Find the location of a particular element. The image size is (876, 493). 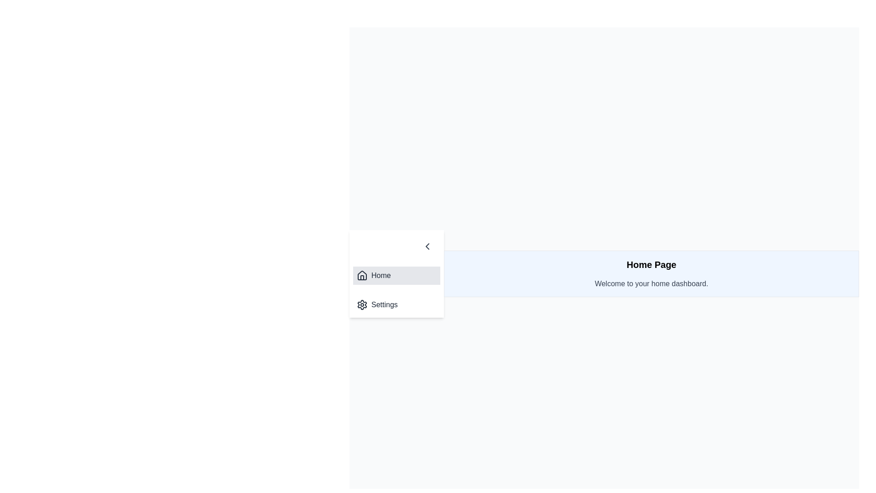

the informational text that welcomes users to the home dashboard interface, located below the 'Home Page' title is located at coordinates (651, 283).